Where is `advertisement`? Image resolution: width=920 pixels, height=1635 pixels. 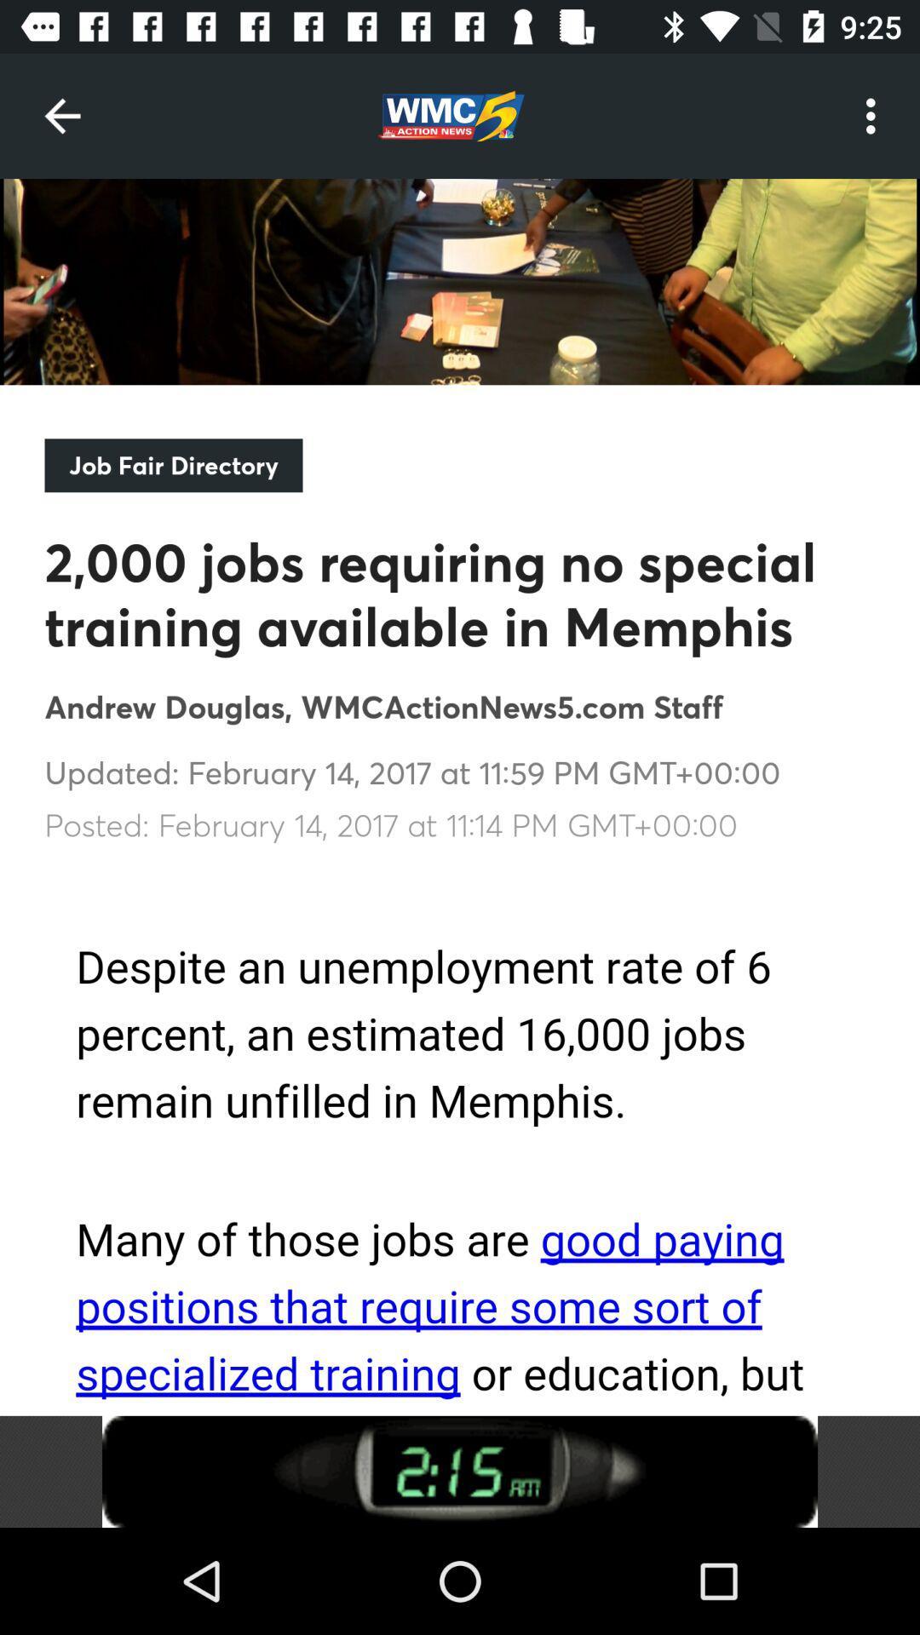 advertisement is located at coordinates (460, 1471).